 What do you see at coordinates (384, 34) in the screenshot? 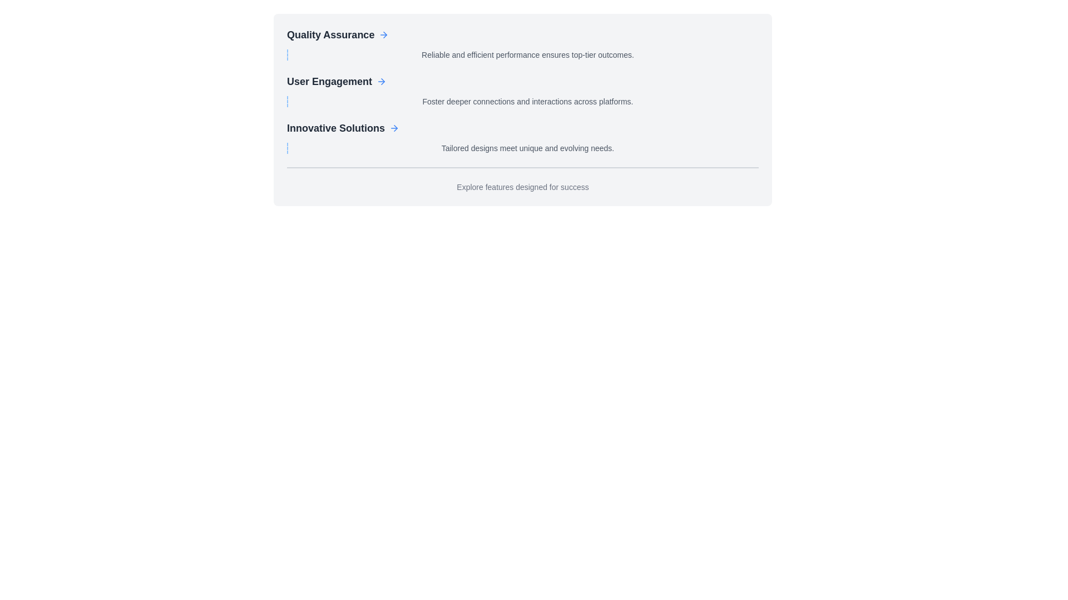
I see `the navigation icon located to the right of the 'Quality Assurance' text label in the topmost row of the vertically-stacked list` at bounding box center [384, 34].